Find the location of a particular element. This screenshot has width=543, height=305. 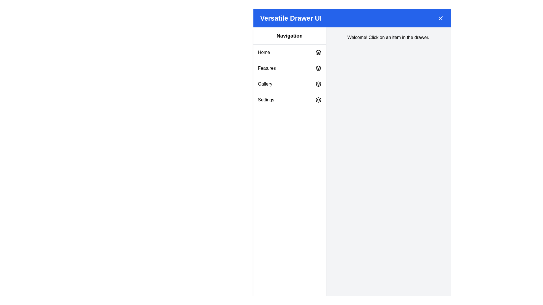

the topmost layer icon in the vertical navigation menu, which resembles a stylized stack of rhomboids, located beside the 'Gallery' menu label is located at coordinates (318, 83).